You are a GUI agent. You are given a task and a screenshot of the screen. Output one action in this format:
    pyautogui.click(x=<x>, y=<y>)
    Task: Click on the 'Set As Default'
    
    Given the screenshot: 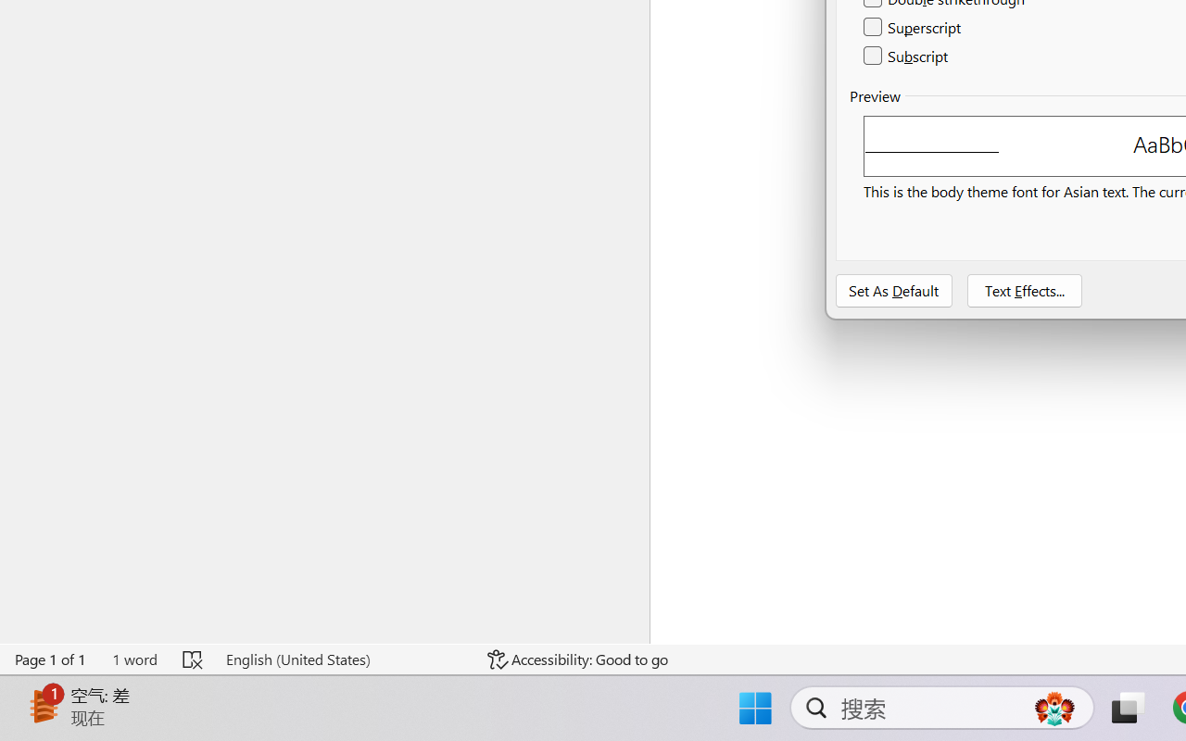 What is the action you would take?
    pyautogui.click(x=894, y=290)
    